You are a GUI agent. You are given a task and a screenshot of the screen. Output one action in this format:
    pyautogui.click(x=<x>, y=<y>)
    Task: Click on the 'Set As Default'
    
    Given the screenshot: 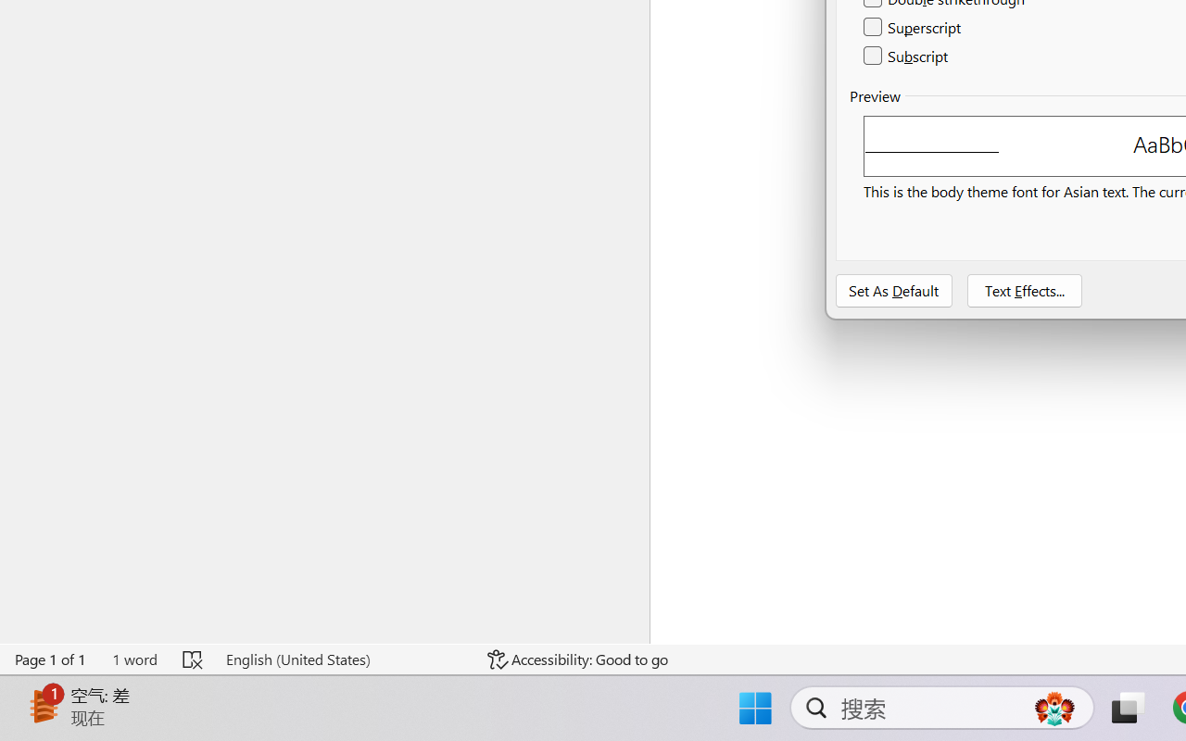 What is the action you would take?
    pyautogui.click(x=894, y=290)
    